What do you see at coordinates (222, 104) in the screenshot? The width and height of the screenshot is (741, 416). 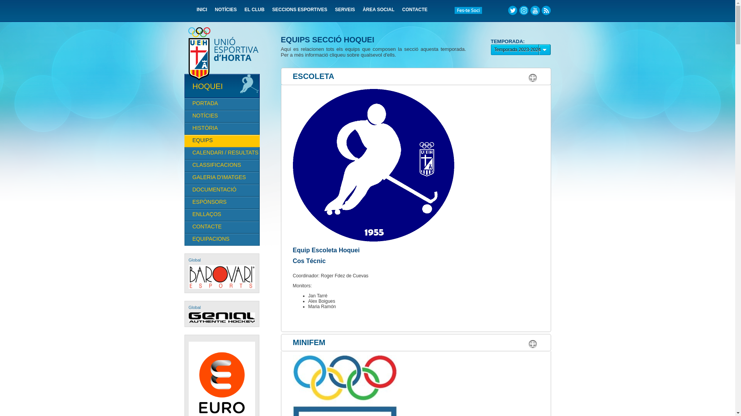 I see `'PORTADA'` at bounding box center [222, 104].